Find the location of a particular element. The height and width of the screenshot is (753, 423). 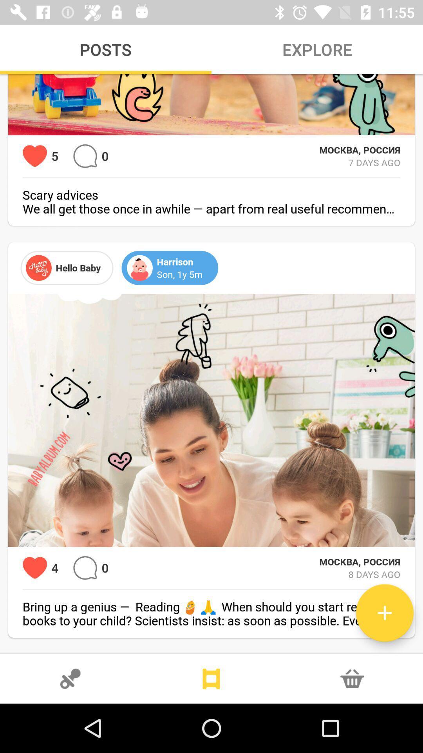

post is located at coordinates (384, 613).